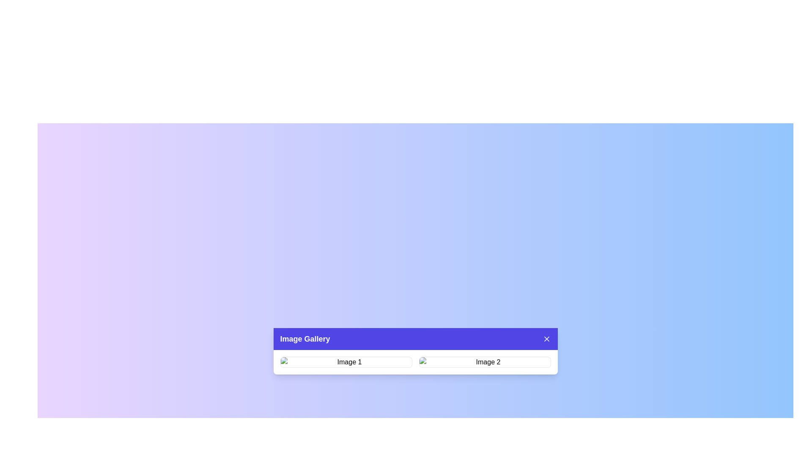 The height and width of the screenshot is (456, 812). I want to click on the image labeled Image 1 to observe its hover effect, so click(346, 361).